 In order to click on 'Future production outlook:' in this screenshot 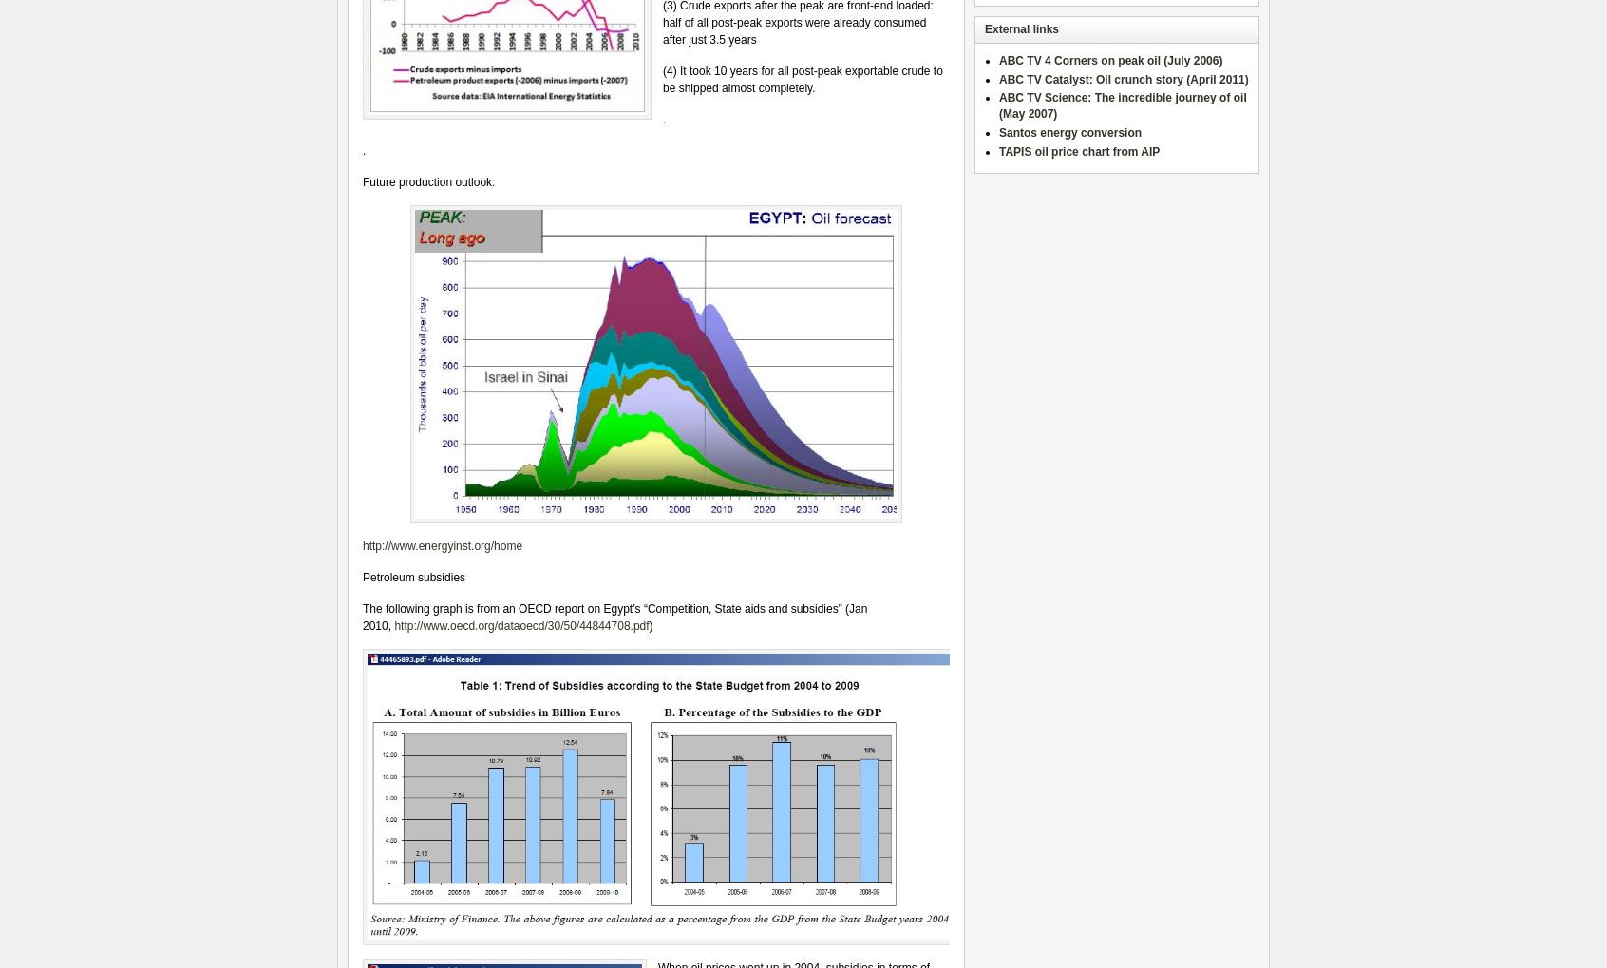, I will do `click(427, 180)`.